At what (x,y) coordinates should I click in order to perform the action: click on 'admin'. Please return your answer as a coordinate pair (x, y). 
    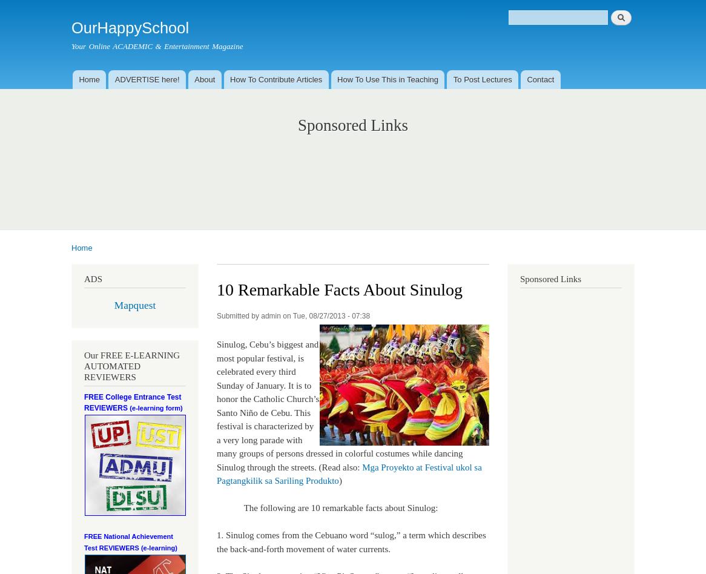
    Looking at the image, I should click on (270, 315).